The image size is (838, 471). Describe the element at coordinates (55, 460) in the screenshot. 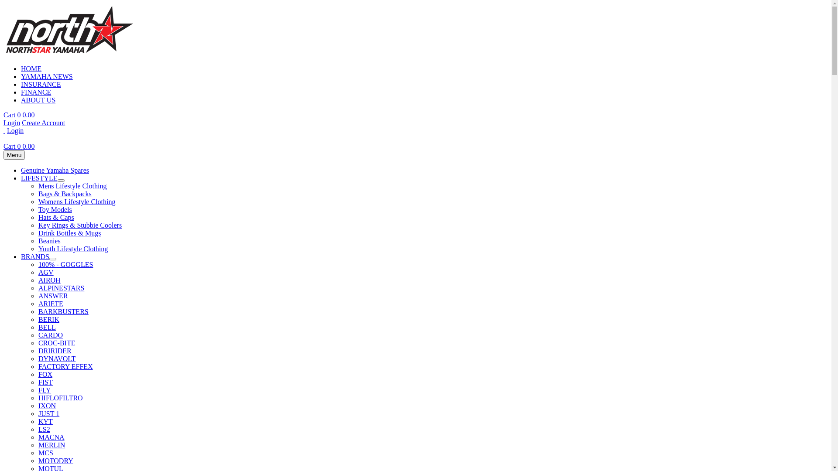

I see `'MOTODRY'` at that location.